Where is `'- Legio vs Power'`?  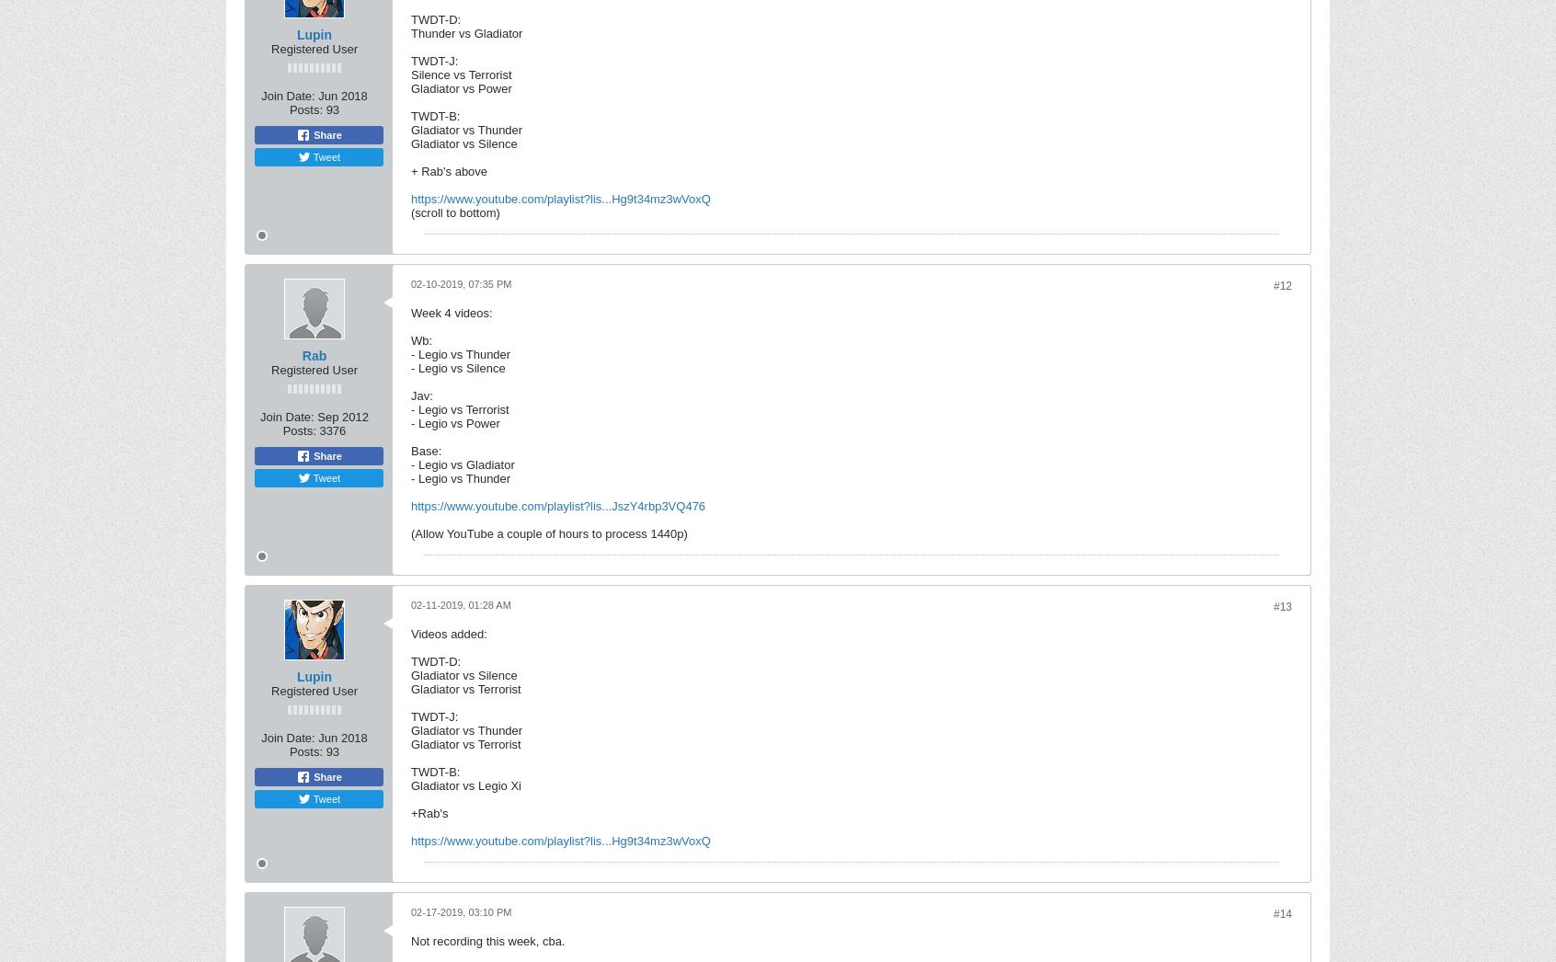
'- Legio vs Power' is located at coordinates (410, 422).